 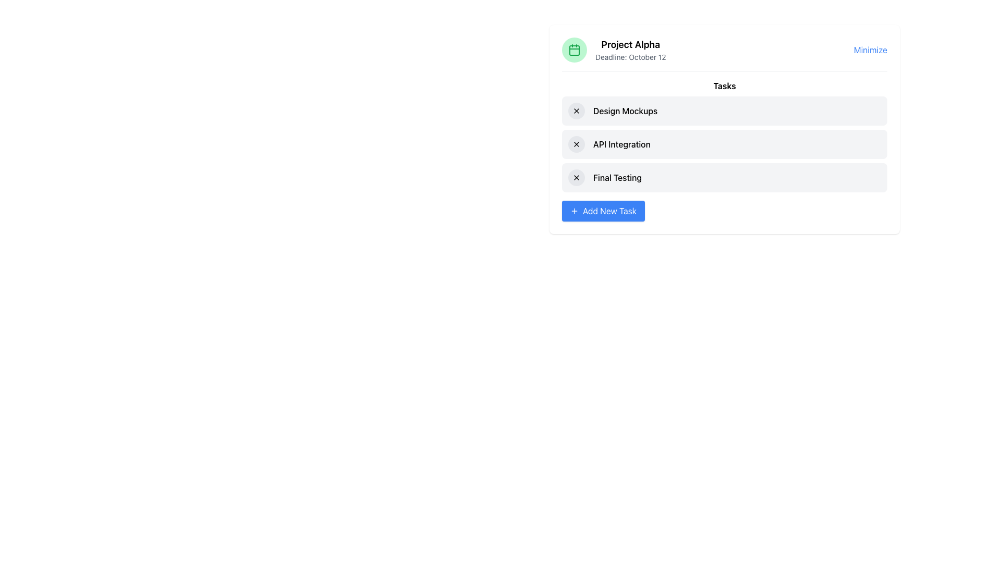 I want to click on the 'X' mark icon button with a light grey circular background, so click(x=576, y=144).